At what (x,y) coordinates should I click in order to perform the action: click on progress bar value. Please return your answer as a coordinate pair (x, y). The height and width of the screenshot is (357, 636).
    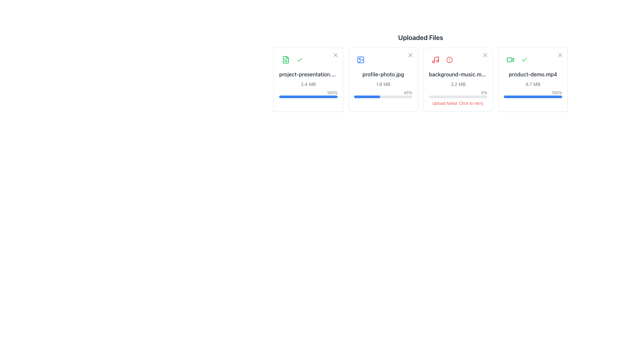
    Looking at the image, I should click on (373, 97).